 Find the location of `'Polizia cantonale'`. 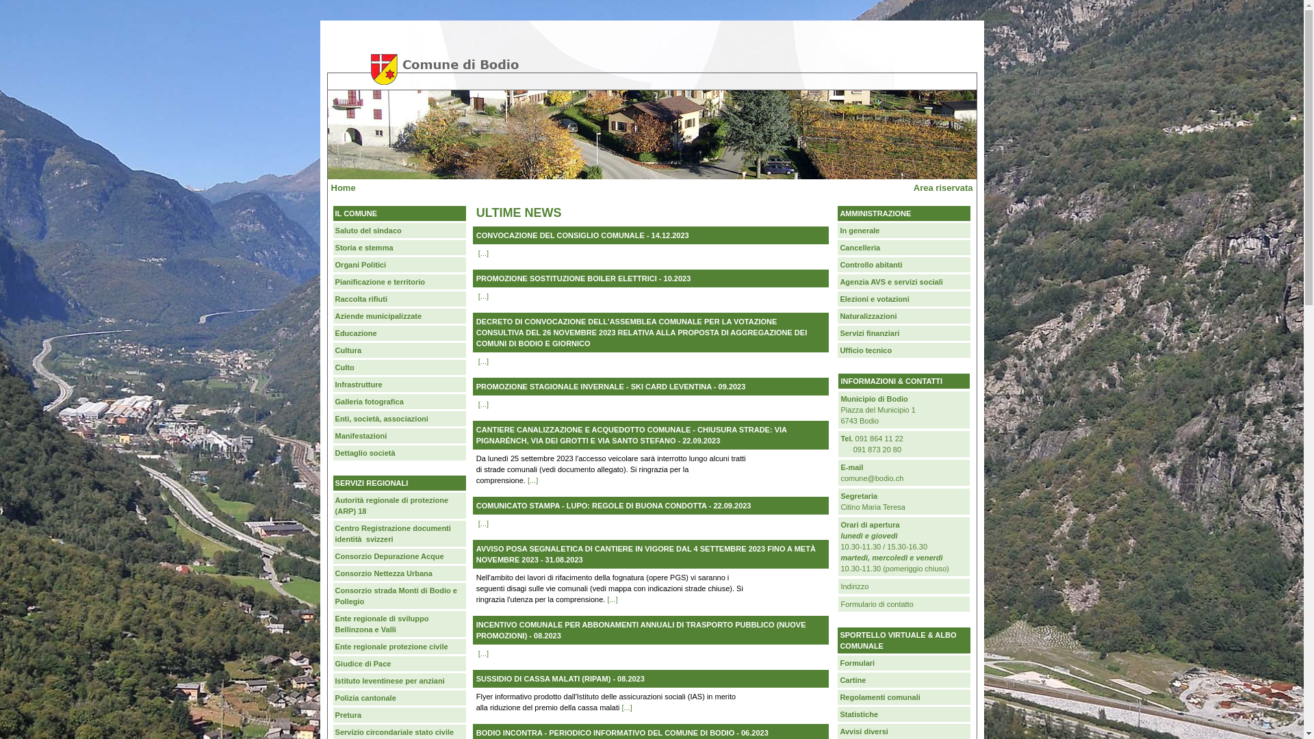

'Polizia cantonale' is located at coordinates (399, 697).